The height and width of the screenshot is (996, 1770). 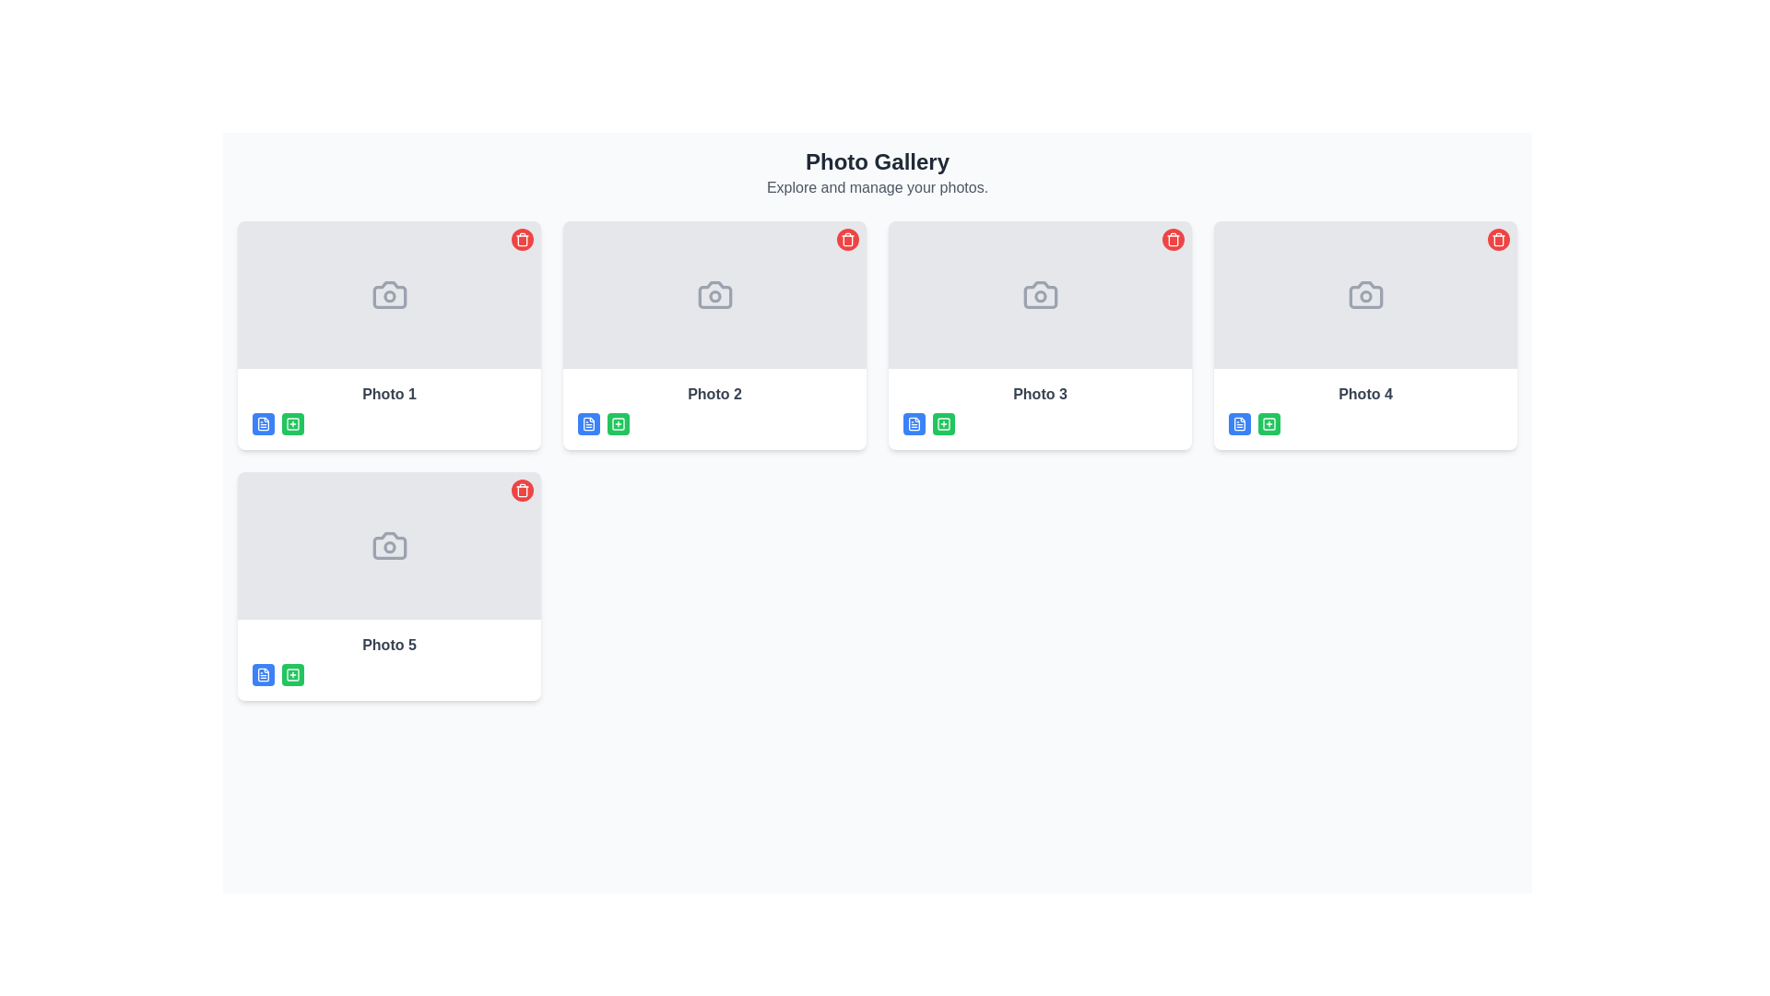 I want to click on the 'view details' icon located in the bottom-left corner of the first photo card, so click(x=263, y=423).